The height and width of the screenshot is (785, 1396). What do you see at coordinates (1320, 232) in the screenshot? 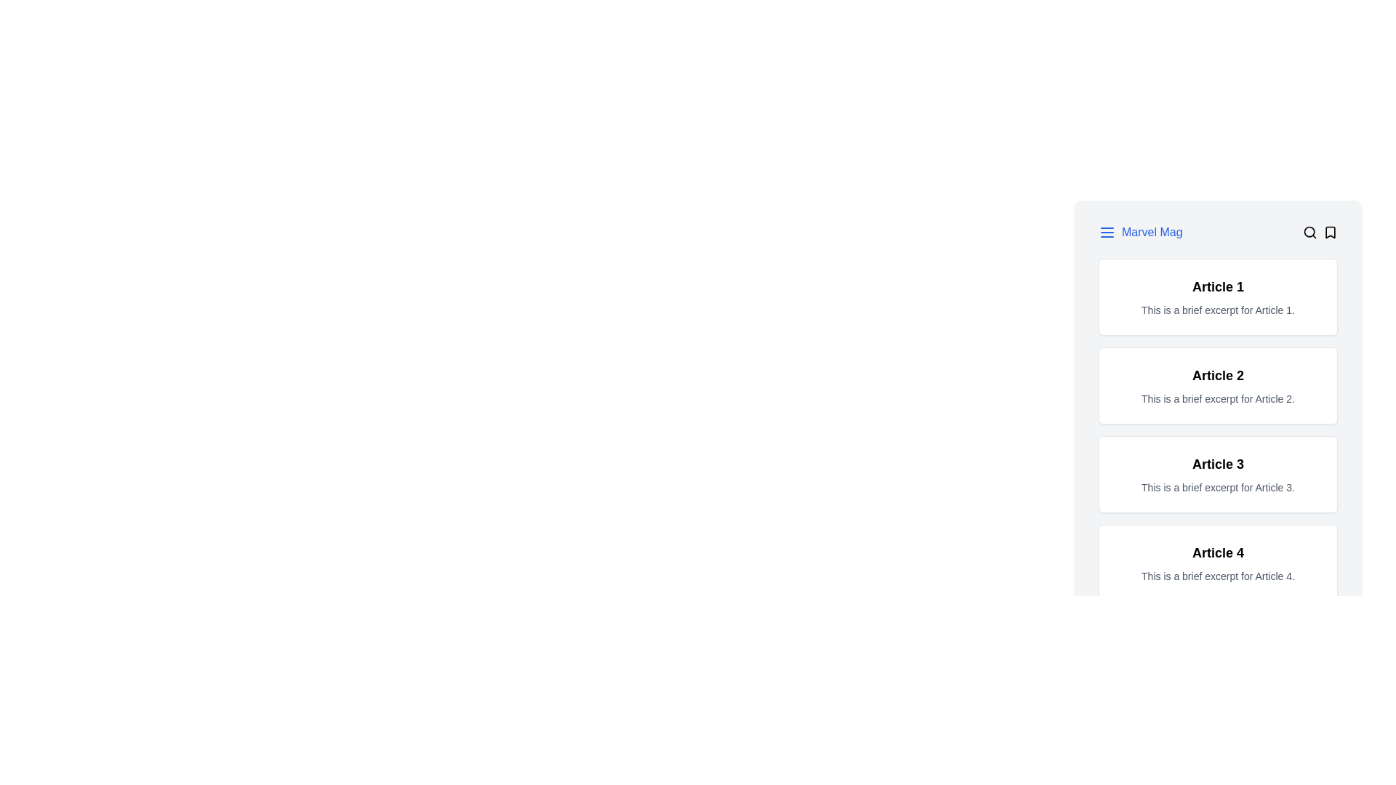
I see `the search or bookmark icon in the icon group located on the far-right side of the top horizontal bar, positioned after the title 'Marvel Mag' and the initial menu icon` at bounding box center [1320, 232].